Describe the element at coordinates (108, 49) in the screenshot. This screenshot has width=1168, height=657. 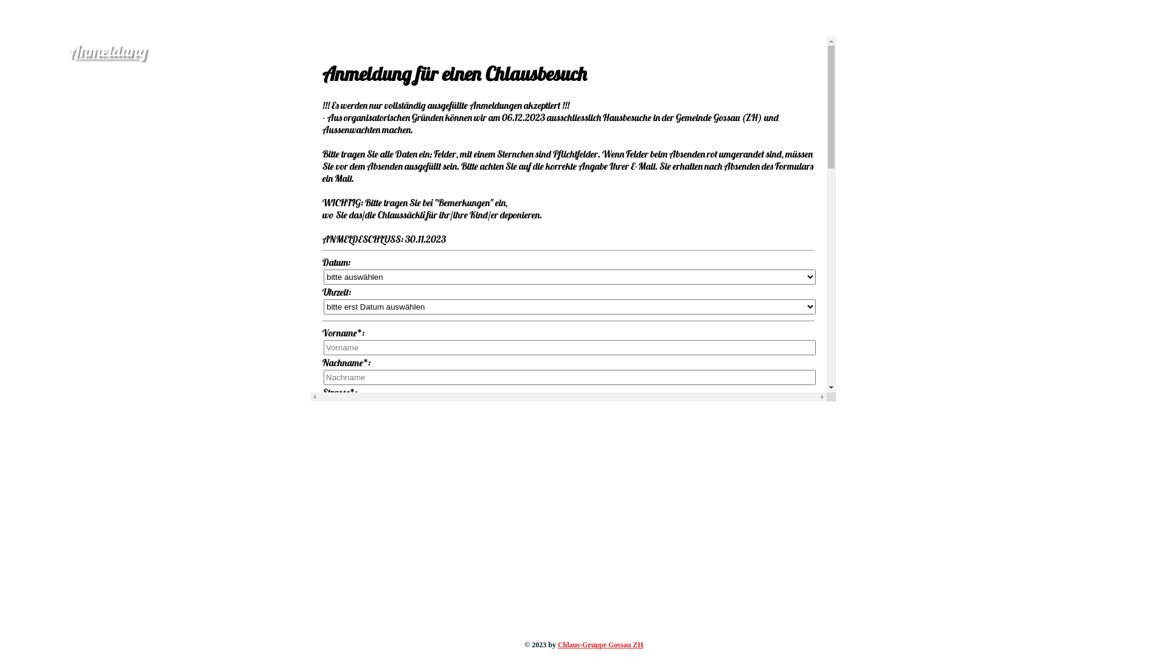
I see `'Anmeldung'` at that location.